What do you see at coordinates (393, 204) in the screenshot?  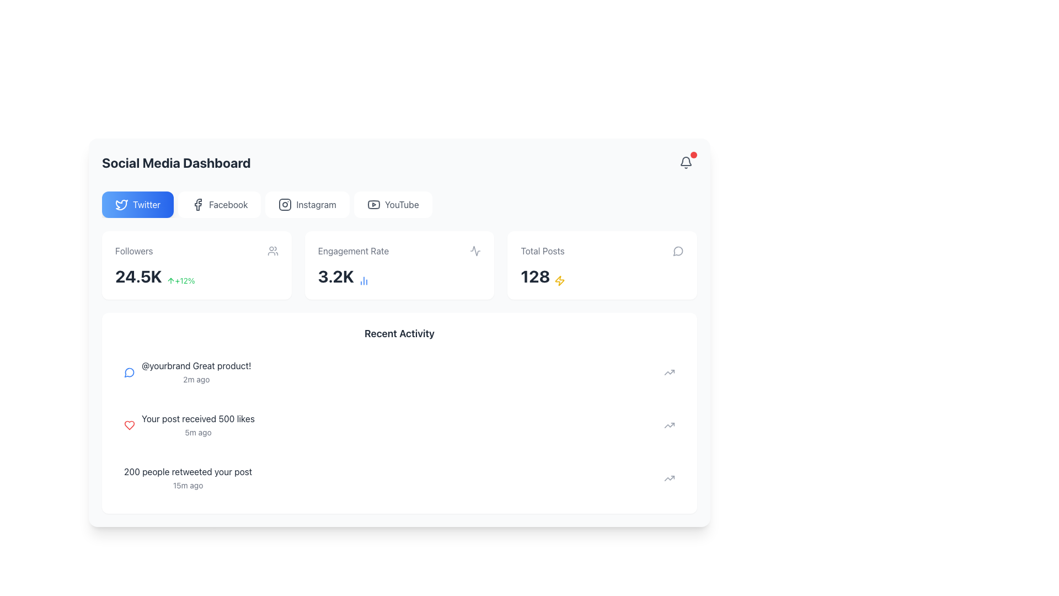 I see `the fourth button in the horizontal row of social media buttons, located to the right of the Instagram button` at bounding box center [393, 204].